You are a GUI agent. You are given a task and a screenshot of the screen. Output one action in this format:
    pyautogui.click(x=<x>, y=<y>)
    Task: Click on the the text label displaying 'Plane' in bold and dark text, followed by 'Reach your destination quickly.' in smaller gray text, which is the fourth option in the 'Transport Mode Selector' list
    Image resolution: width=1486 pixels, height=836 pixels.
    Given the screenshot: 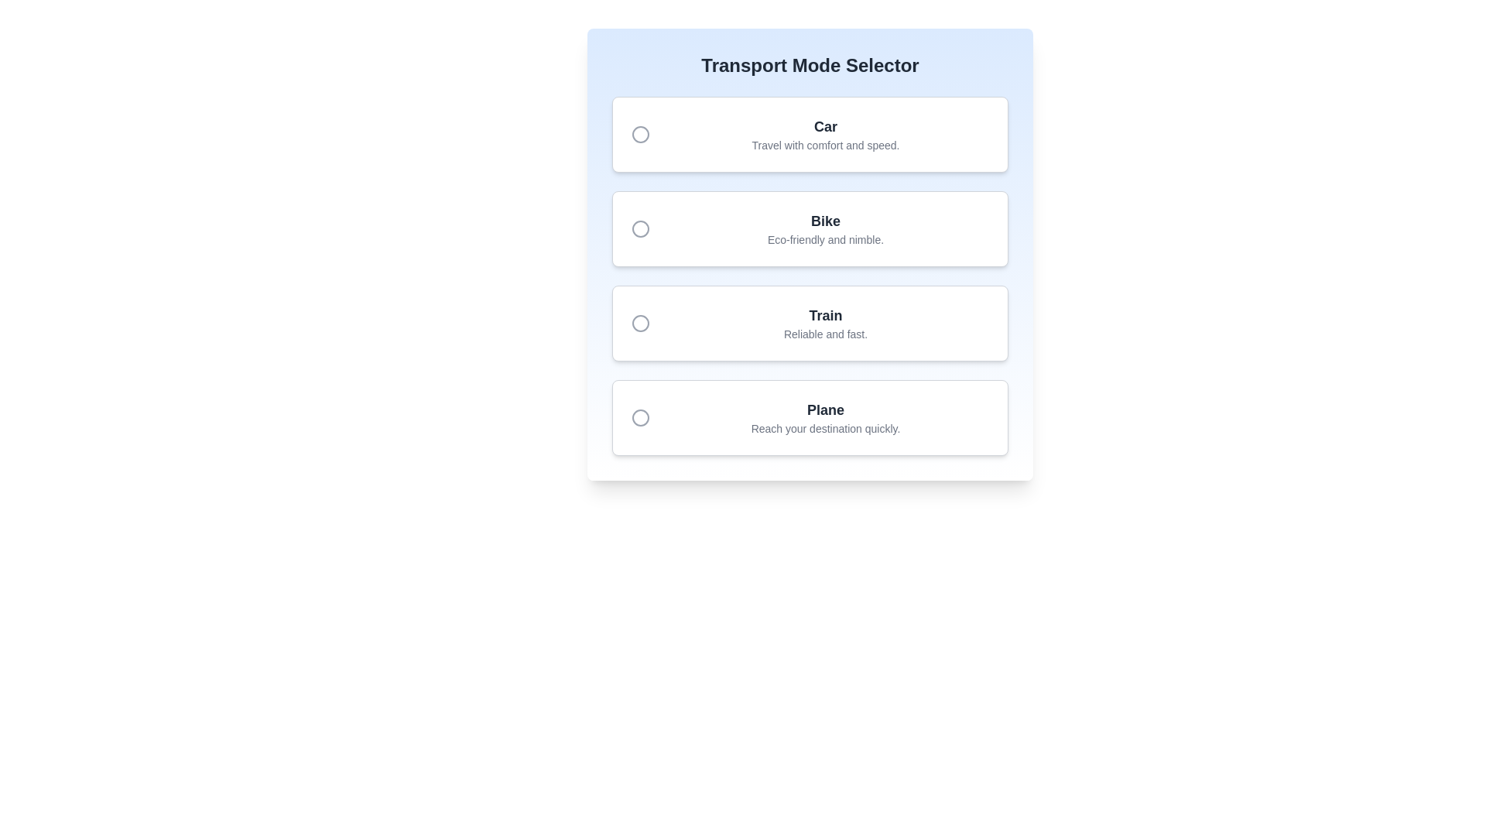 What is the action you would take?
    pyautogui.click(x=824, y=418)
    